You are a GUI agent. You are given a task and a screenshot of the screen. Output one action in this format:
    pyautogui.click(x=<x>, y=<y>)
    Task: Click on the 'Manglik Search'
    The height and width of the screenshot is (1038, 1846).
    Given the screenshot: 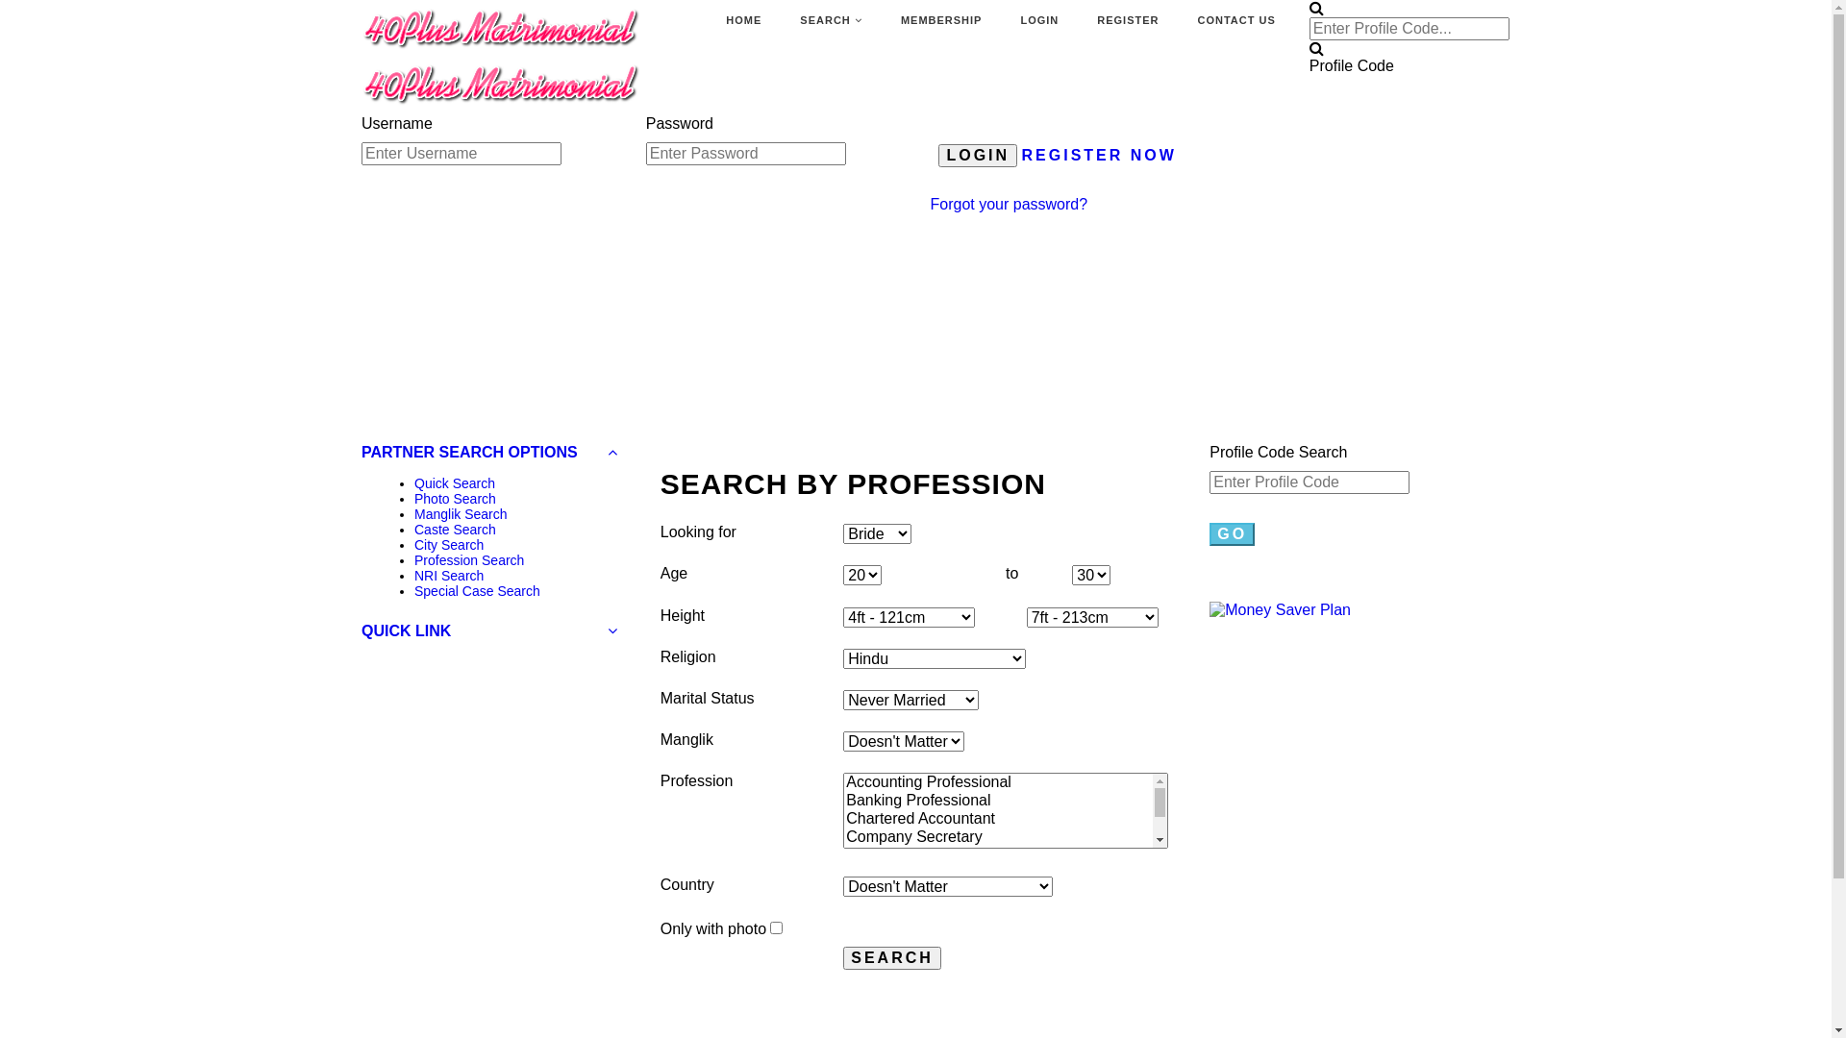 What is the action you would take?
    pyautogui.click(x=460, y=513)
    